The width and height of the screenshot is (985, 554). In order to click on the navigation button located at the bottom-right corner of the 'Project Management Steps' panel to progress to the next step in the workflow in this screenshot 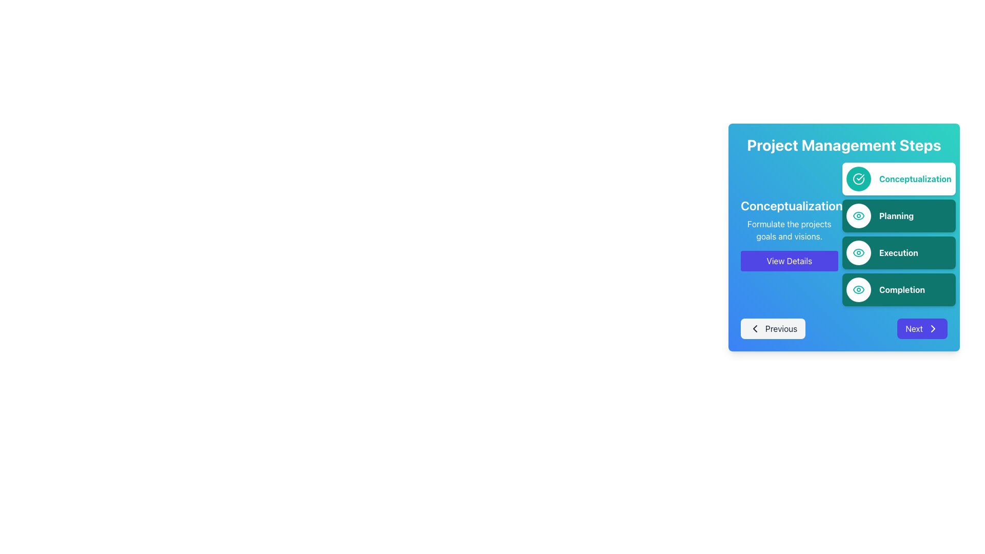, I will do `click(922, 328)`.